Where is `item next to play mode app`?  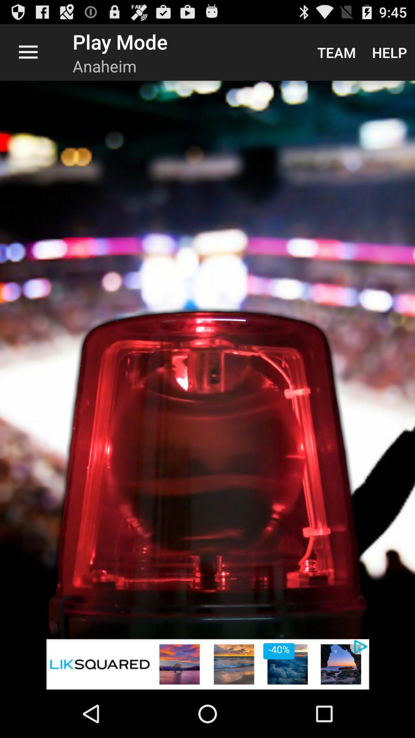
item next to play mode app is located at coordinates (28, 52).